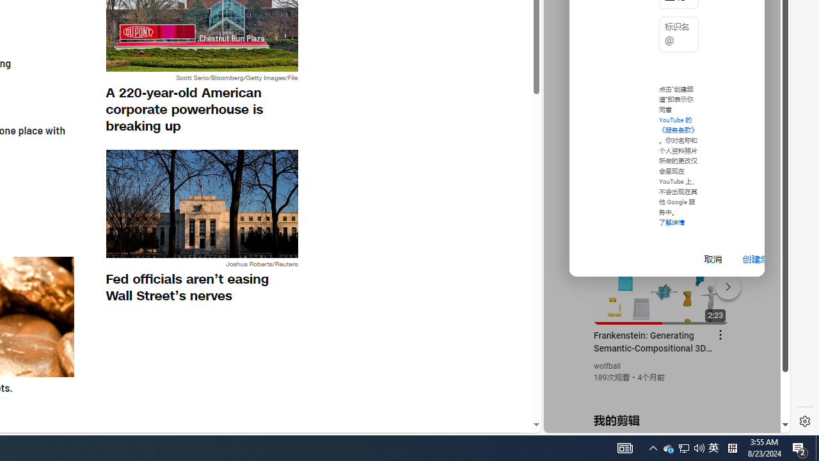 This screenshot has height=461, width=819. I want to click on 'Click to scroll right', so click(765, 53).